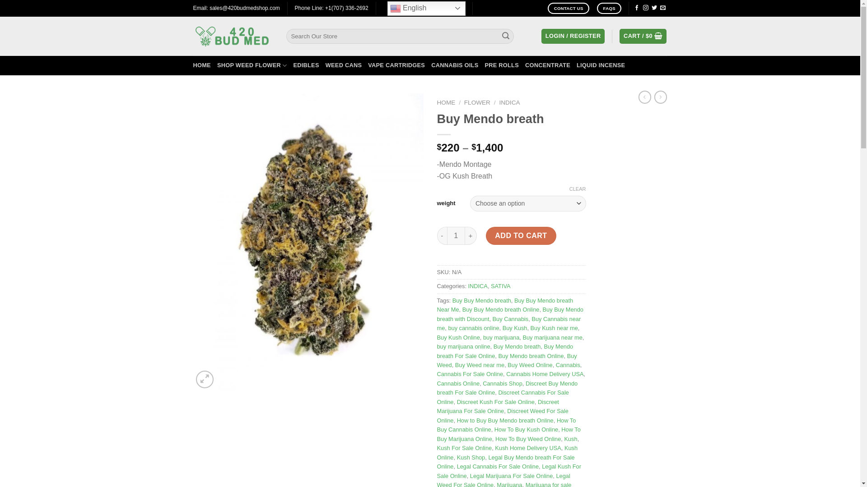 This screenshot has height=487, width=867. What do you see at coordinates (577, 188) in the screenshot?
I see `'CLEAR'` at bounding box center [577, 188].